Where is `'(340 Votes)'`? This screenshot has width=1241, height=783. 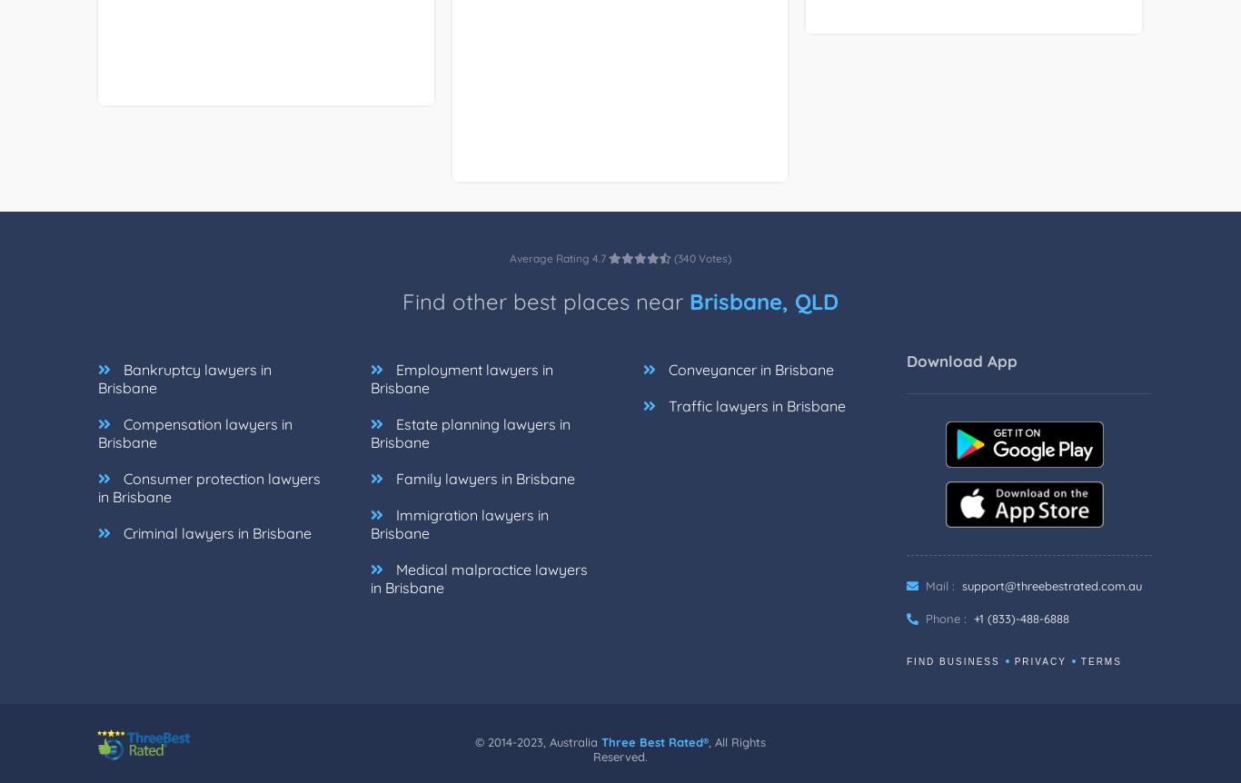 '(340 Votes)' is located at coordinates (701, 278).